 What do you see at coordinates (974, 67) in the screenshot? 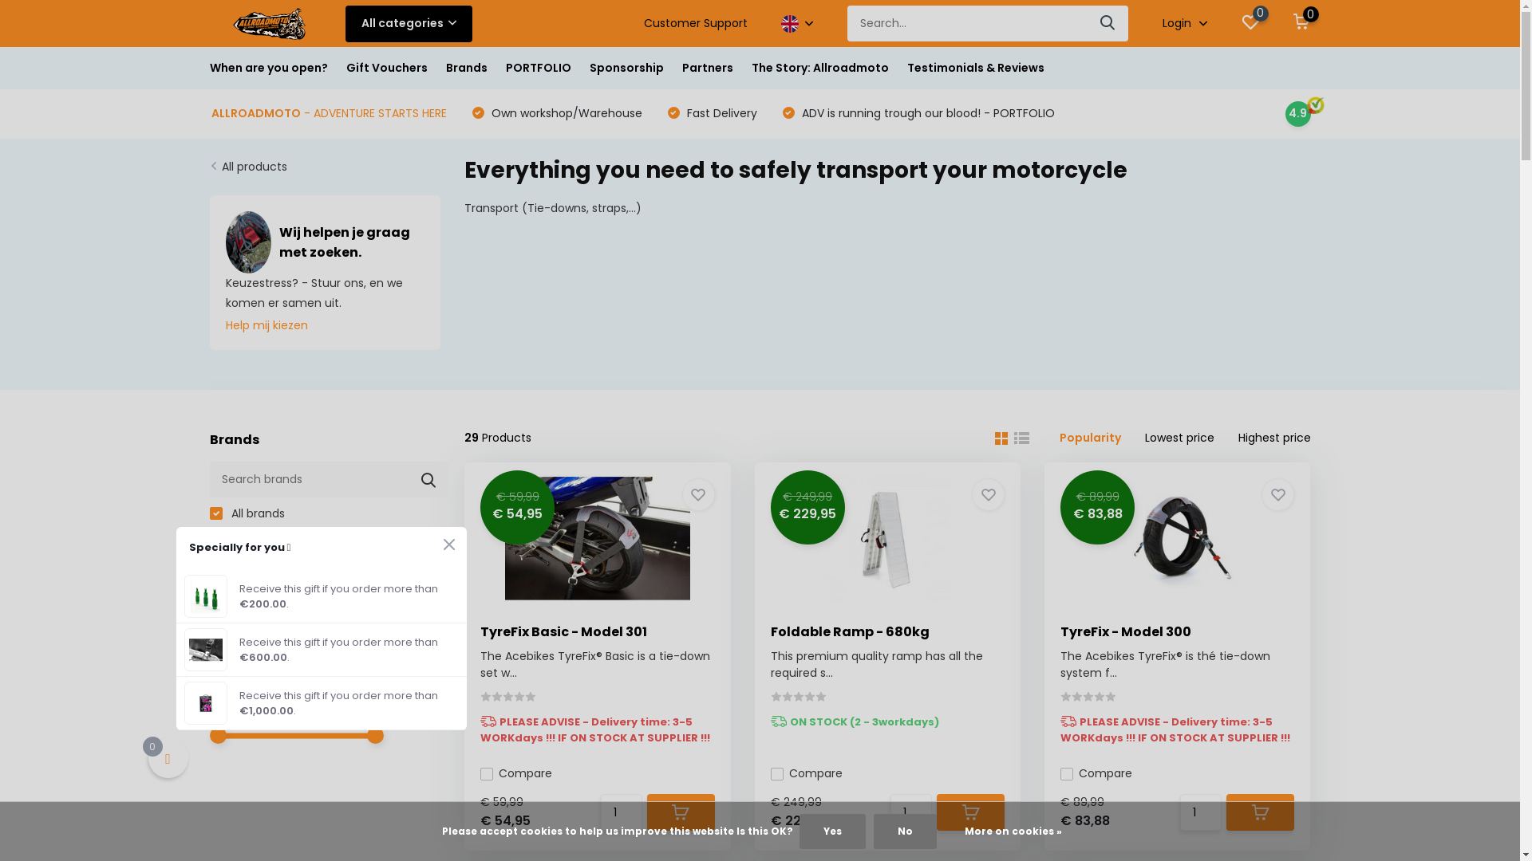
I see `'Testimonials & Reviews'` at bounding box center [974, 67].